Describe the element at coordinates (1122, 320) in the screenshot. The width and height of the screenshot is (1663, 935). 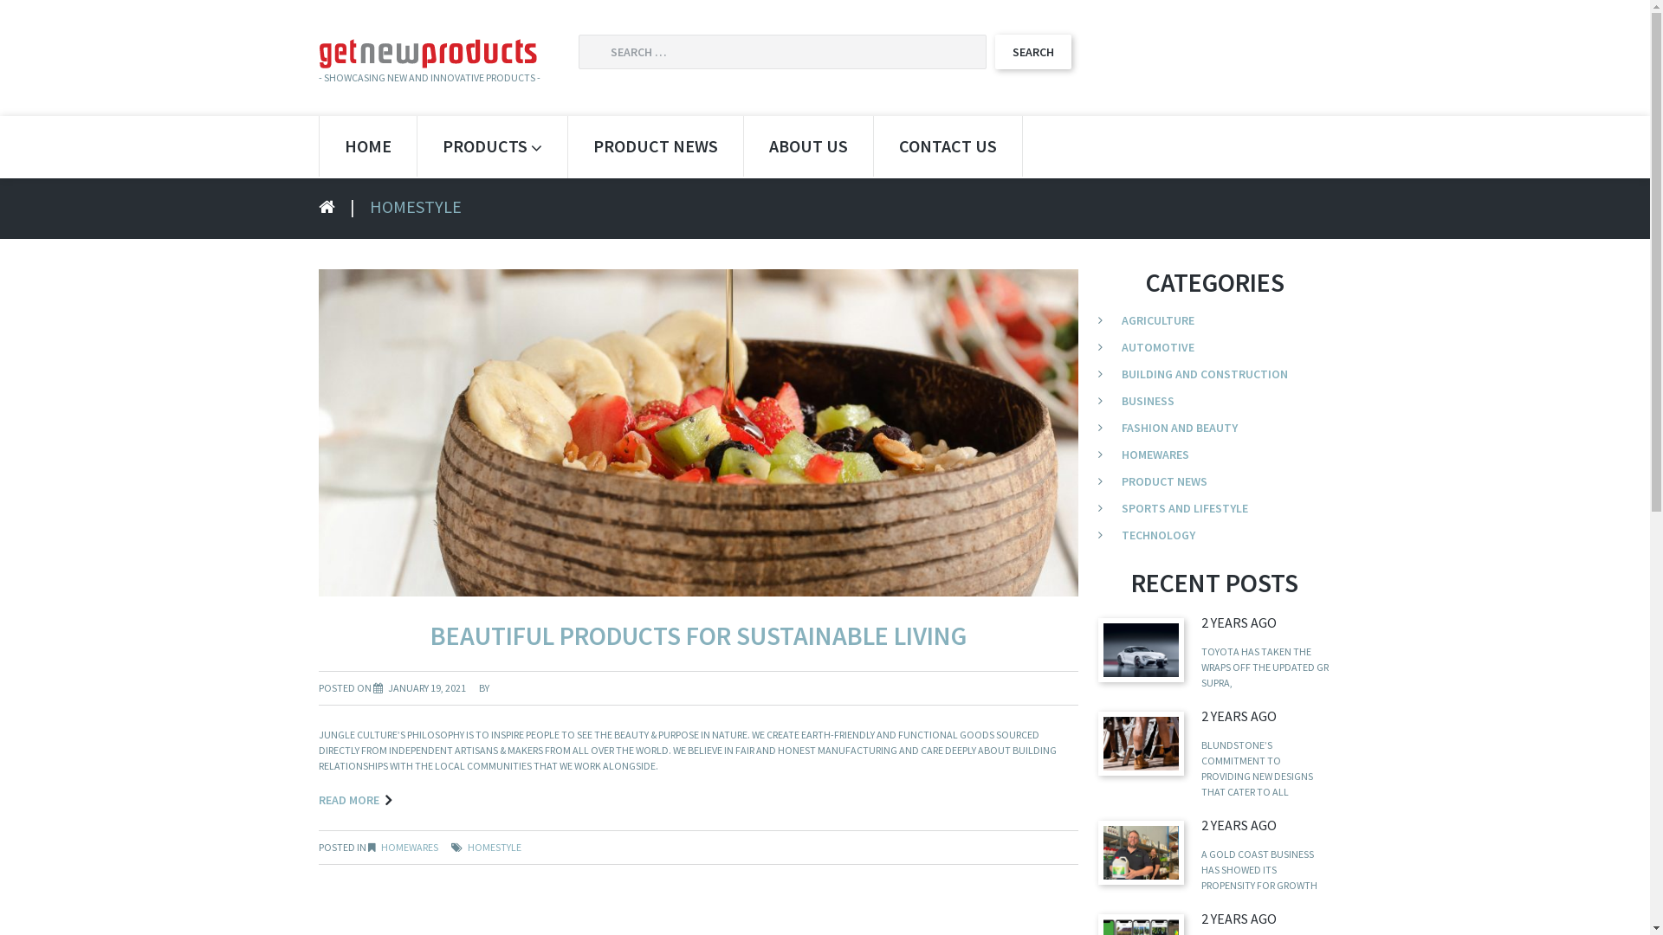
I see `'AGRICULTURE'` at that location.